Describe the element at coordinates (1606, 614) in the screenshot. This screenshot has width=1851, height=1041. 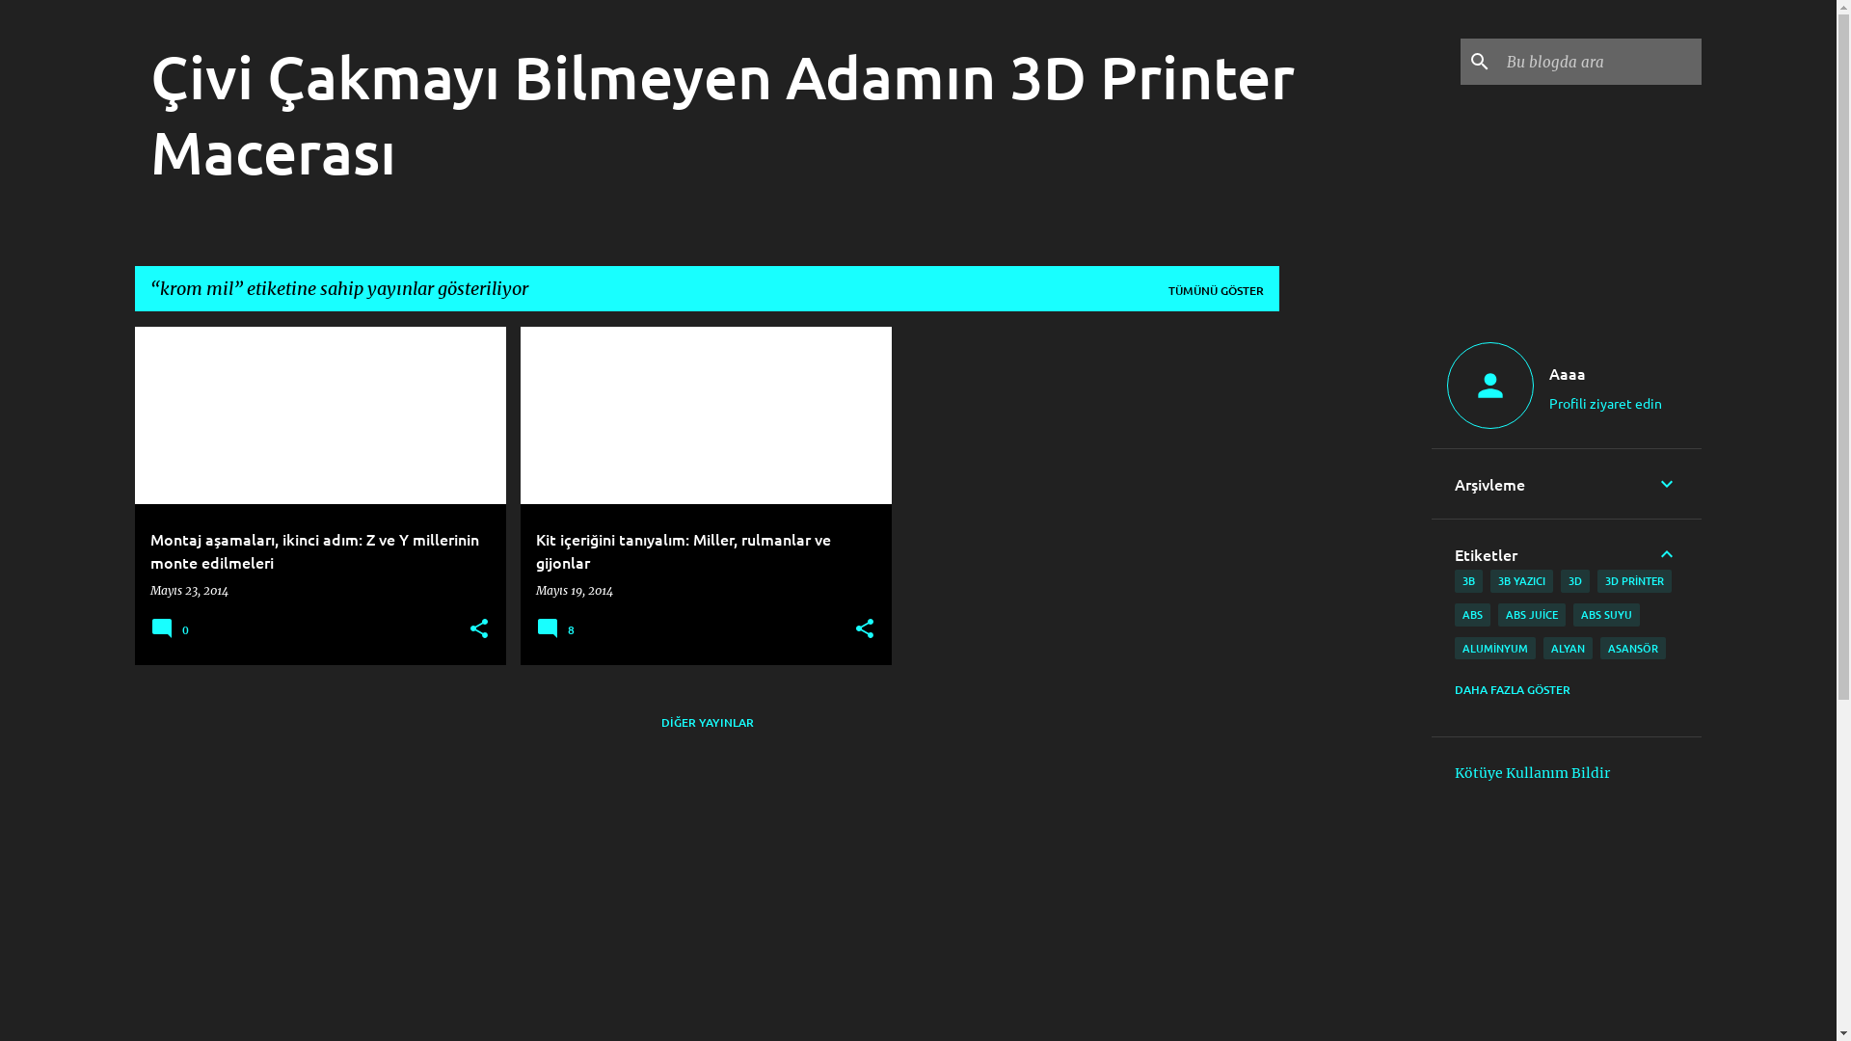
I see `'ABS SUYU'` at that location.